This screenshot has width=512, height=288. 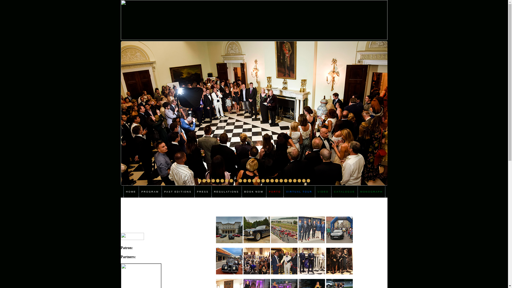 What do you see at coordinates (226, 191) in the screenshot?
I see `'REGULATIONS'` at bounding box center [226, 191].